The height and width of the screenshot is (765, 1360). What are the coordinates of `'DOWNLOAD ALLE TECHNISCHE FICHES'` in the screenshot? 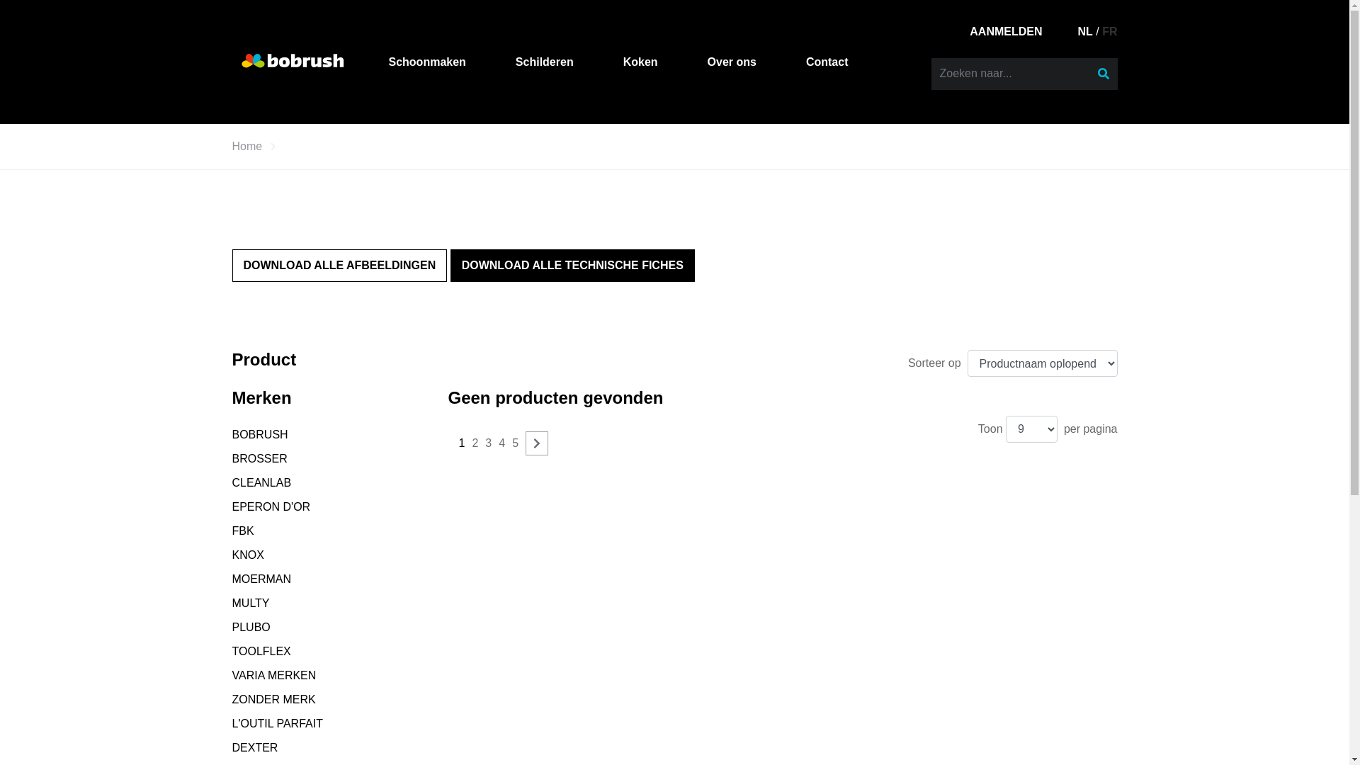 It's located at (572, 265).